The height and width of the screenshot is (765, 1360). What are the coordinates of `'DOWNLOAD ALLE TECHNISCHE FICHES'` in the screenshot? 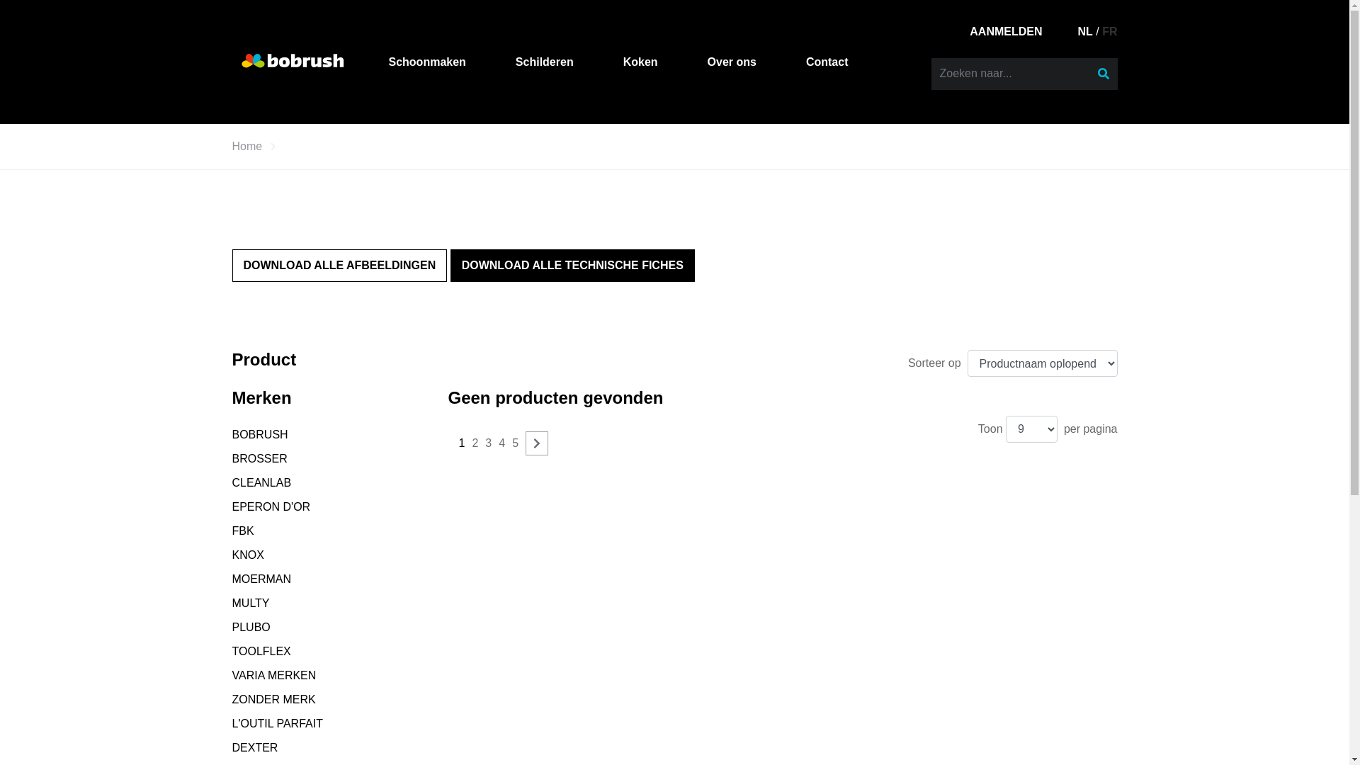 It's located at (572, 265).